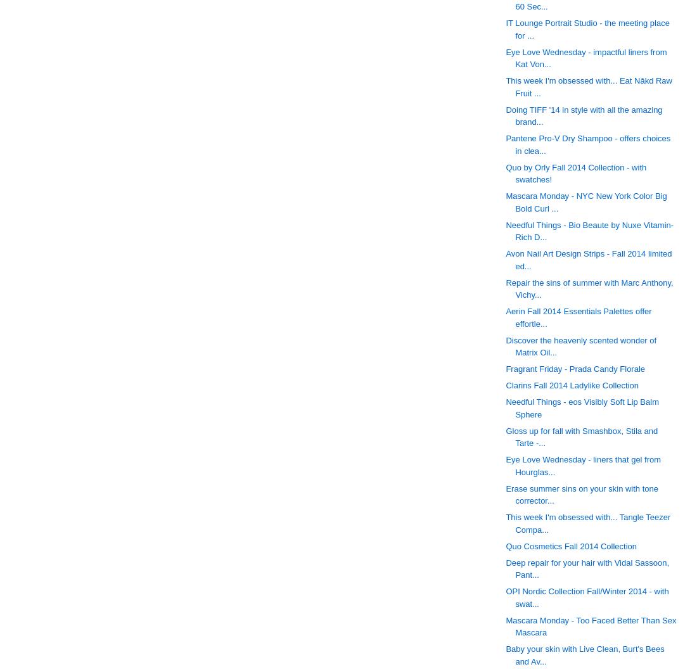 The width and height of the screenshot is (697, 669). Describe the element at coordinates (580, 346) in the screenshot. I see `'Discover the heavenly scented wonder of Matrix Oil...'` at that location.